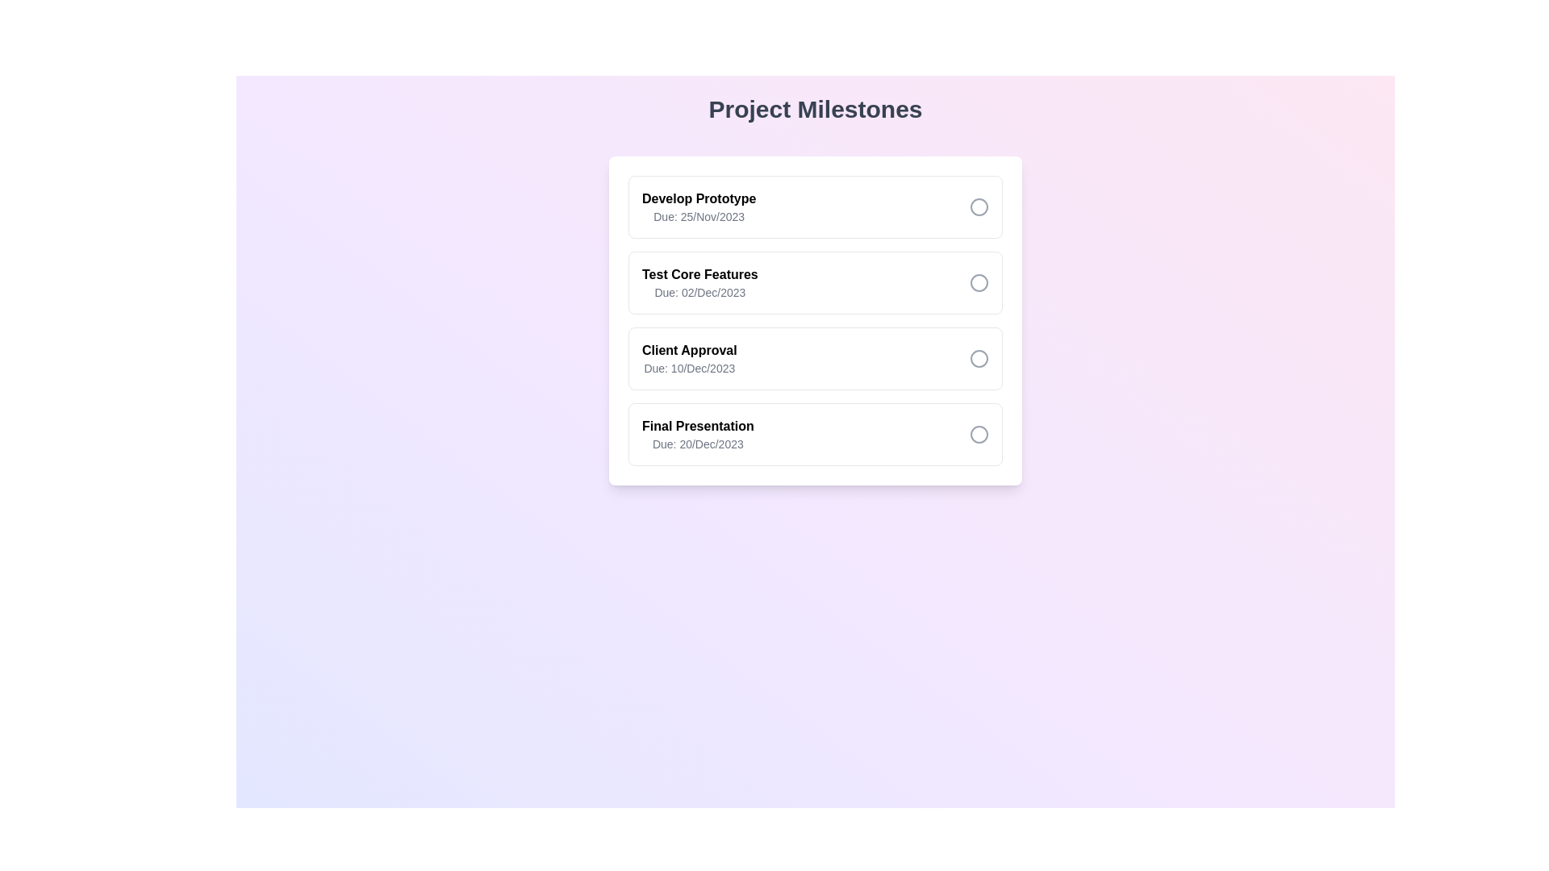 The width and height of the screenshot is (1549, 871). I want to click on the task to view its details, so click(698, 206).